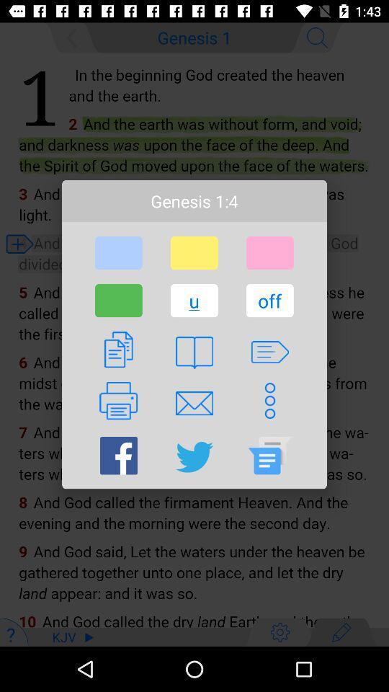 This screenshot has height=692, width=389. What do you see at coordinates (194, 300) in the screenshot?
I see `the button next to the off` at bounding box center [194, 300].